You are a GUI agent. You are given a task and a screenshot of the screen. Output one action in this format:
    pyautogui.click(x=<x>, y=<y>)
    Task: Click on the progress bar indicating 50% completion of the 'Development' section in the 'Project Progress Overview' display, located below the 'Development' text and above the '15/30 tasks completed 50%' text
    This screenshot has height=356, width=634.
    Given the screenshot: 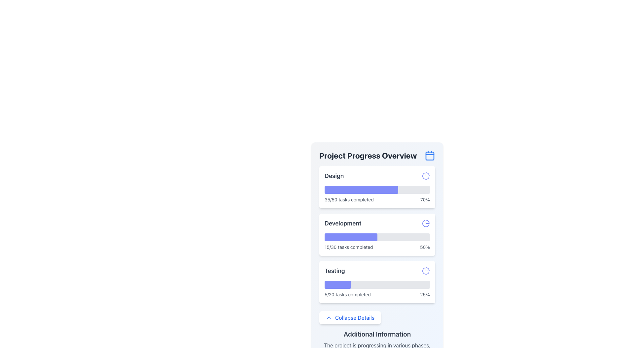 What is the action you would take?
    pyautogui.click(x=377, y=237)
    